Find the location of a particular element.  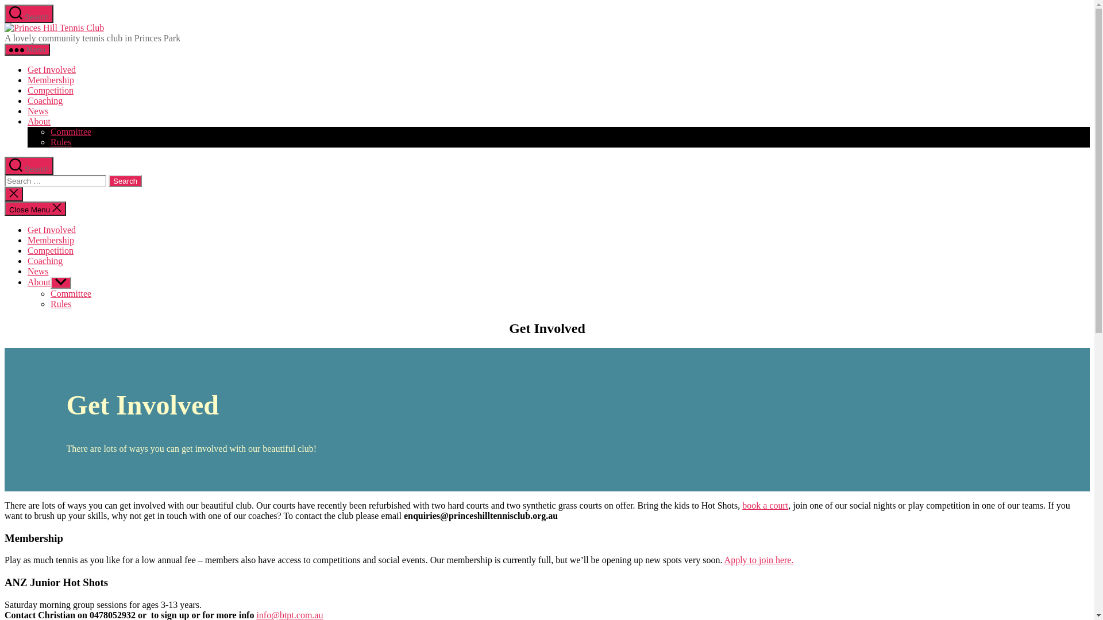

'Committee' is located at coordinates (70, 293).